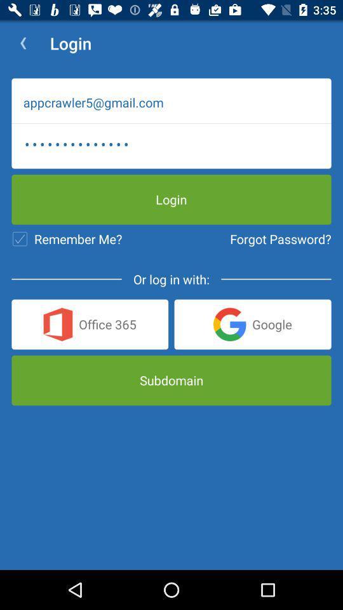 The width and height of the screenshot is (343, 610). What do you see at coordinates (280, 238) in the screenshot?
I see `the forgot password? item` at bounding box center [280, 238].